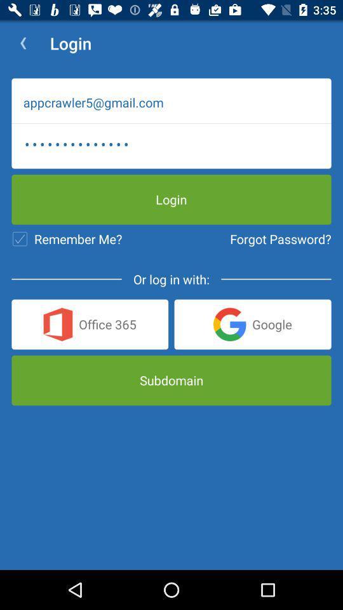 The width and height of the screenshot is (343, 610). What do you see at coordinates (280, 238) in the screenshot?
I see `the forgot password? item` at bounding box center [280, 238].